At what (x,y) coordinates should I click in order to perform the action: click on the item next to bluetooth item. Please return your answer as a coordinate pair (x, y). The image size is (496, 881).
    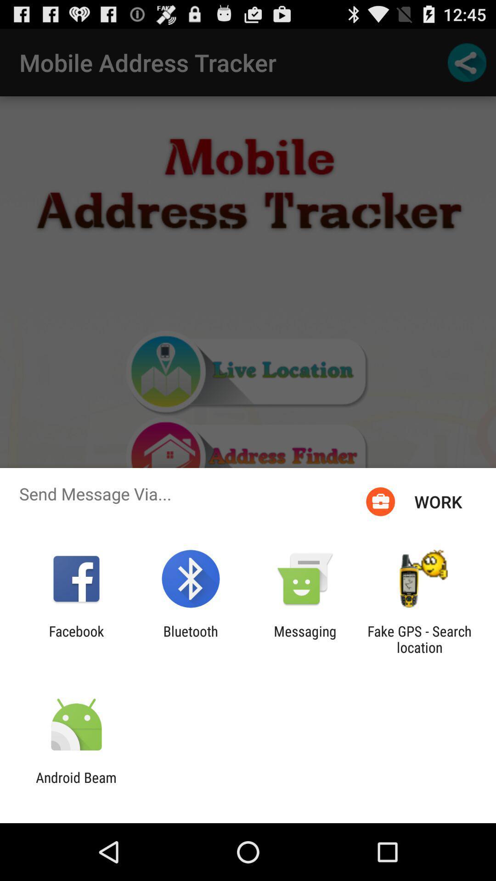
    Looking at the image, I should click on (76, 639).